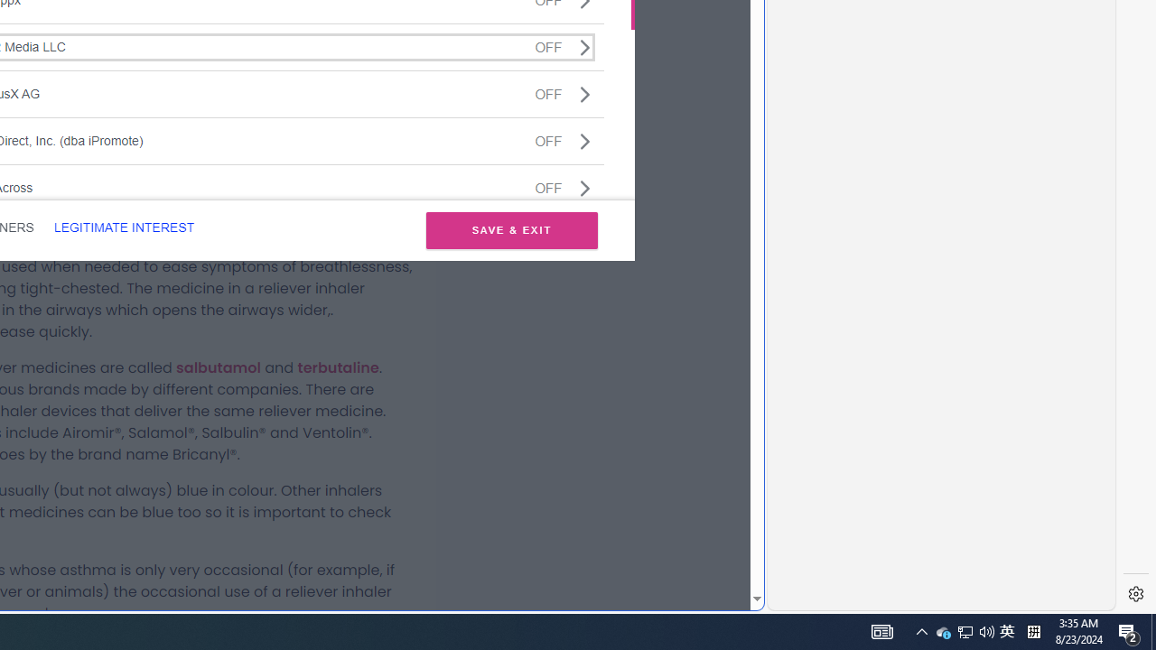  Describe the element at coordinates (338, 367) in the screenshot. I see `'terbutaline'` at that location.